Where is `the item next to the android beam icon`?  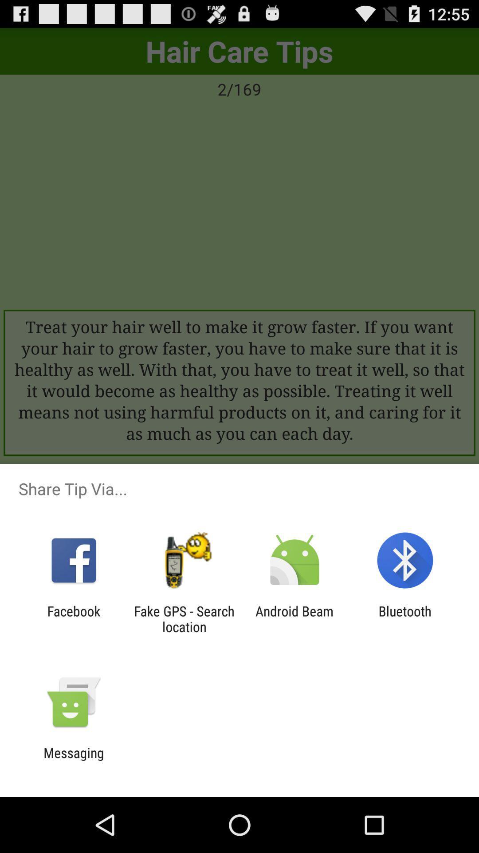
the item next to the android beam icon is located at coordinates (405, 618).